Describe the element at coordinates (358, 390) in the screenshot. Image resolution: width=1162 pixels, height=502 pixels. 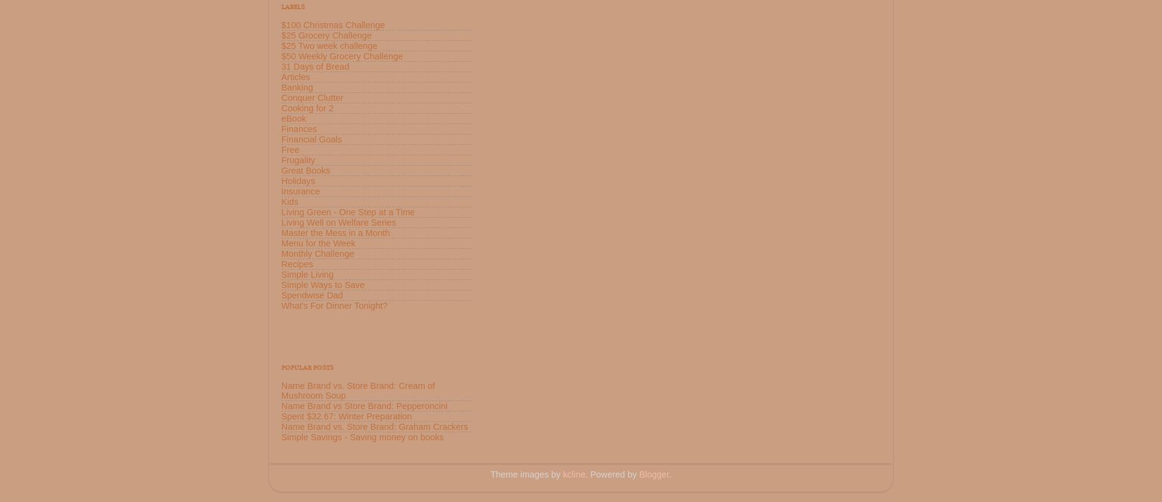
I see `'Name Brand vs. Store Brand: Cream of Mushroom Soup'` at that location.